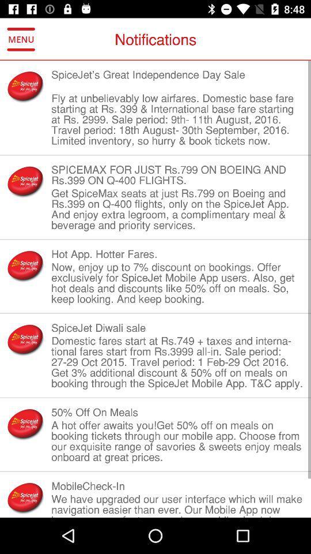 This screenshot has width=311, height=554. Describe the element at coordinates (25, 497) in the screenshot. I see `the symbol beside mobilecheckin` at that location.